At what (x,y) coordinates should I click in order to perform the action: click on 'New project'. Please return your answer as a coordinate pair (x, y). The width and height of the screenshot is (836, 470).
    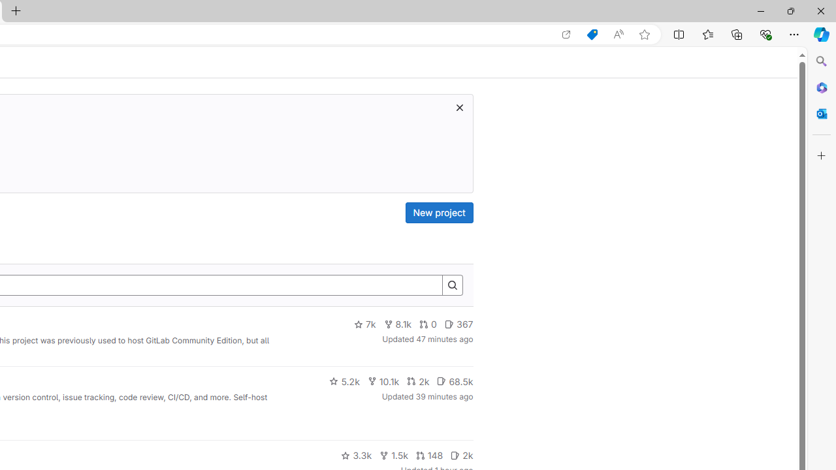
    Looking at the image, I should click on (439, 212).